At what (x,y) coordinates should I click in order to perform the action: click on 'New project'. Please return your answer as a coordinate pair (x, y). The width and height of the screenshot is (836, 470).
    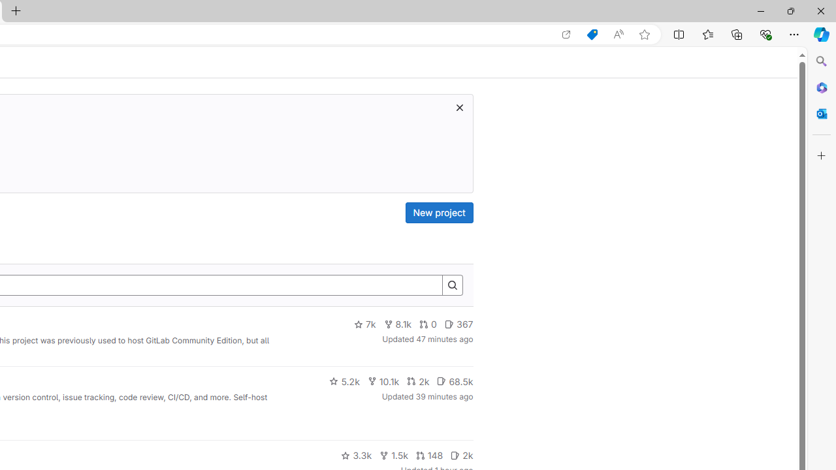
    Looking at the image, I should click on (439, 212).